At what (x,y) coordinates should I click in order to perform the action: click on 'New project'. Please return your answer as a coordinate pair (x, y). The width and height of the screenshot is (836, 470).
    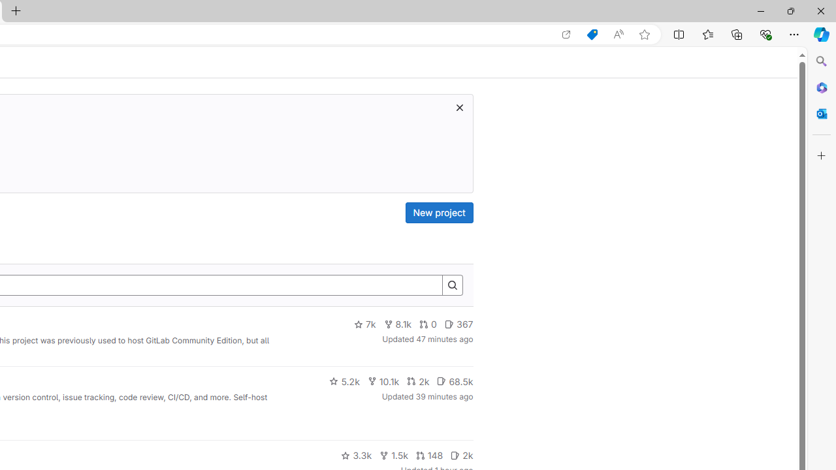
    Looking at the image, I should click on (439, 212).